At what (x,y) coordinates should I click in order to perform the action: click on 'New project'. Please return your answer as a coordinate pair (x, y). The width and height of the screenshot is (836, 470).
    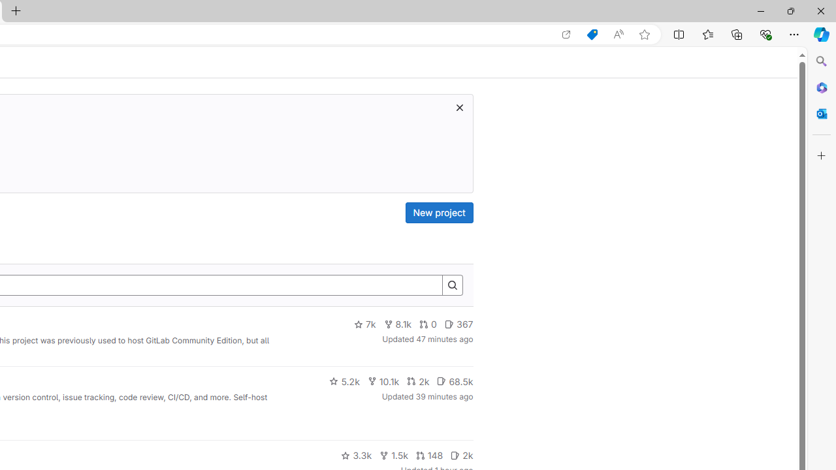
    Looking at the image, I should click on (439, 212).